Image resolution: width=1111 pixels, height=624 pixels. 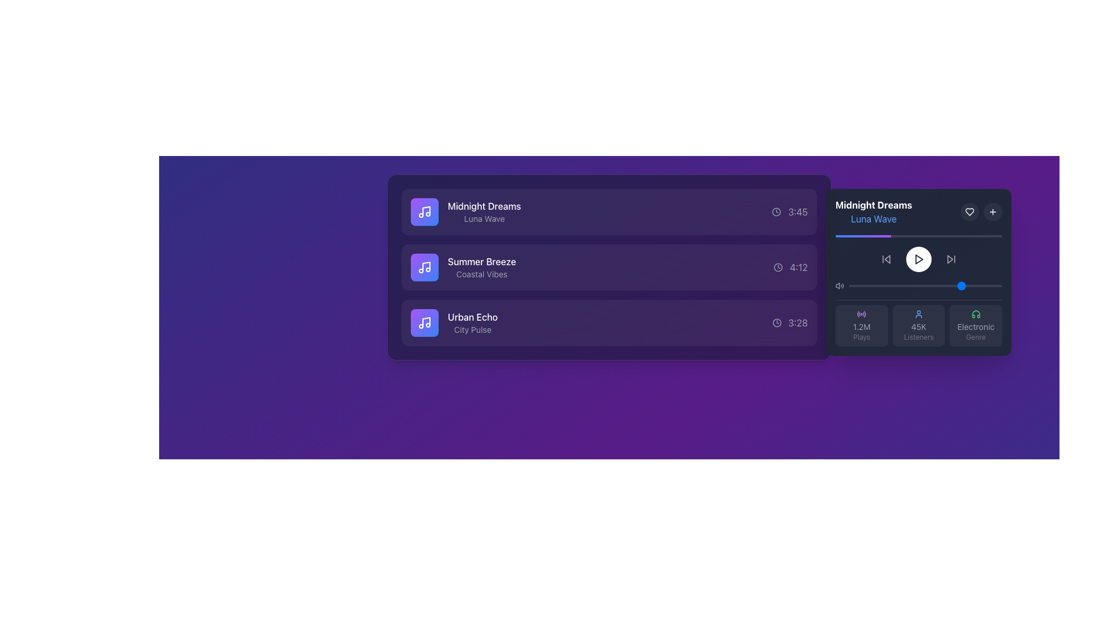 What do you see at coordinates (473, 323) in the screenshot?
I see `the text label titled 'Urban Echo' which is the third item in a vertical list, featuring a bold white title and a gray subtitle on a dark background` at bounding box center [473, 323].